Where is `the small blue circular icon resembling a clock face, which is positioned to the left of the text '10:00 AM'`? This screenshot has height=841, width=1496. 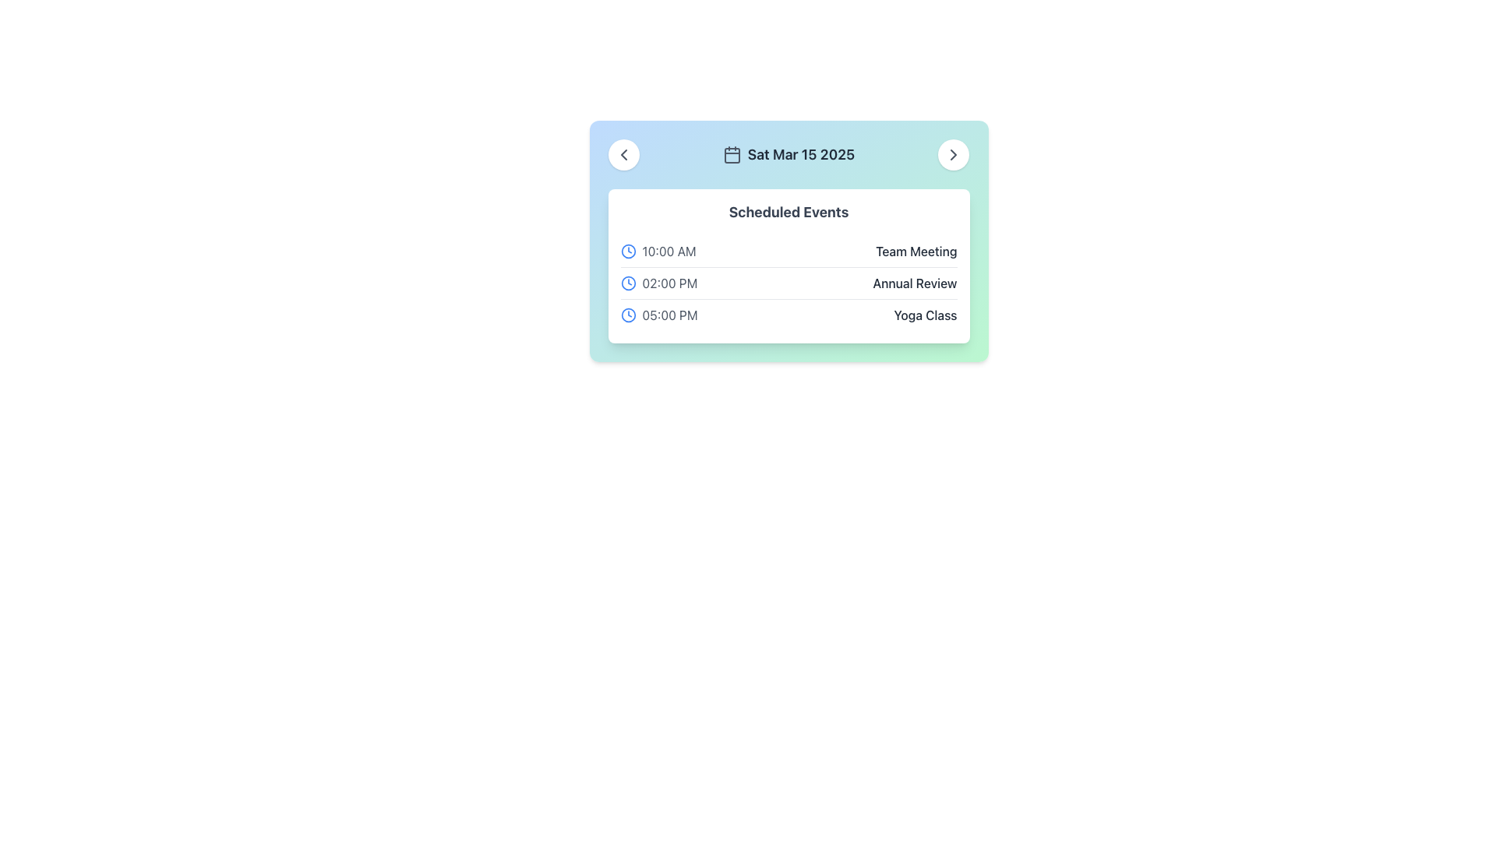
the small blue circular icon resembling a clock face, which is positioned to the left of the text '10:00 AM' is located at coordinates (628, 251).